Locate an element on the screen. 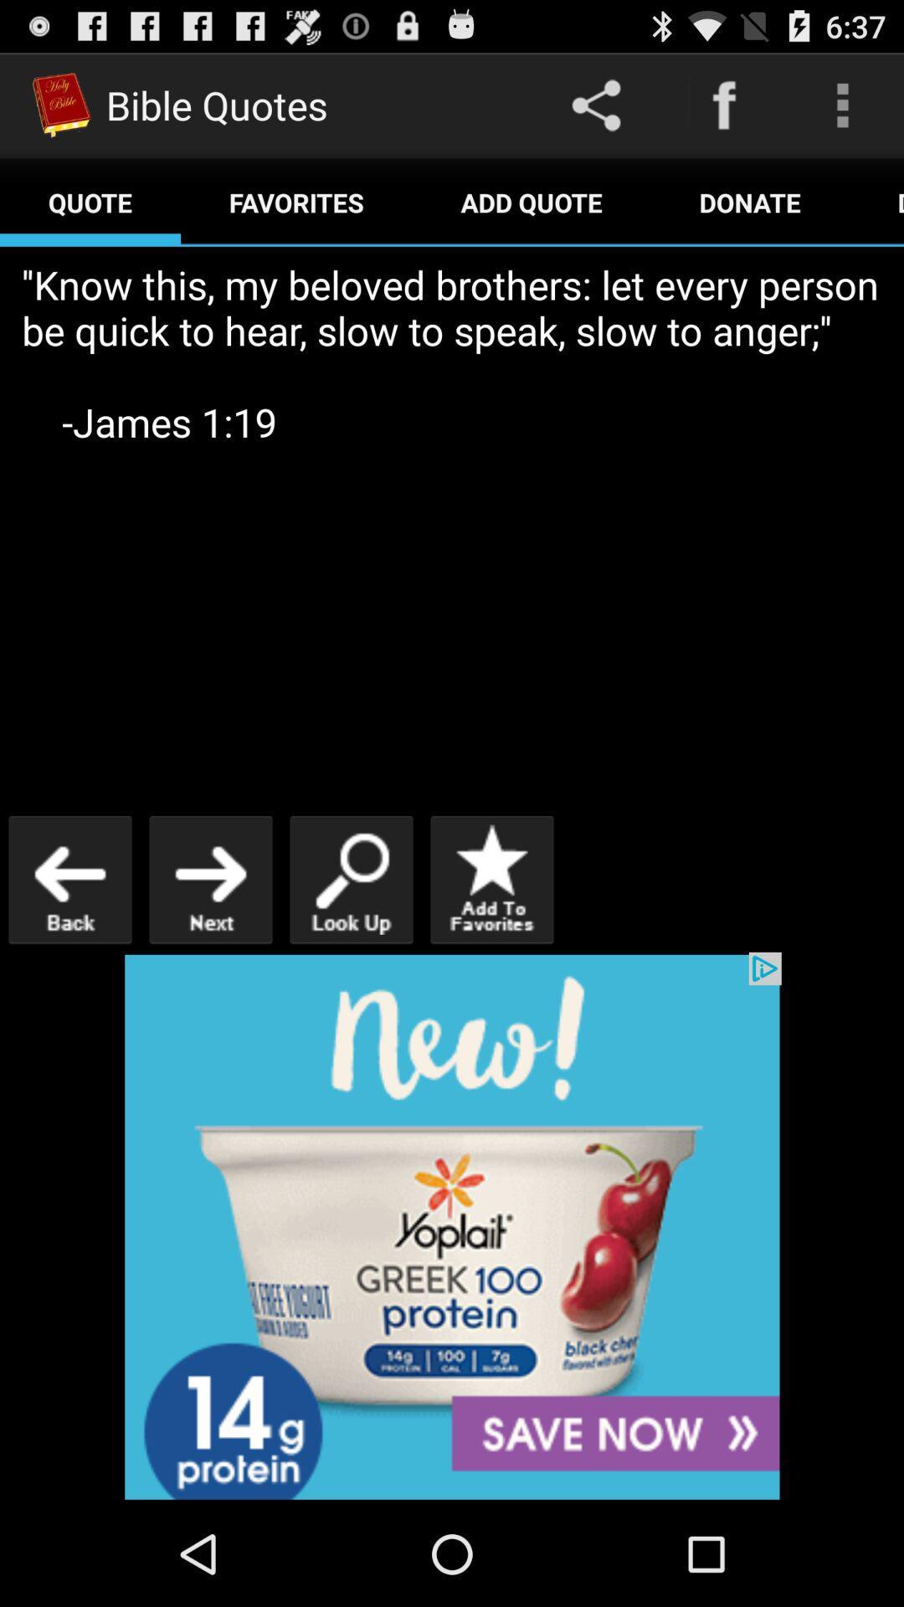 The image size is (904, 1607). to favorites is located at coordinates (491, 879).